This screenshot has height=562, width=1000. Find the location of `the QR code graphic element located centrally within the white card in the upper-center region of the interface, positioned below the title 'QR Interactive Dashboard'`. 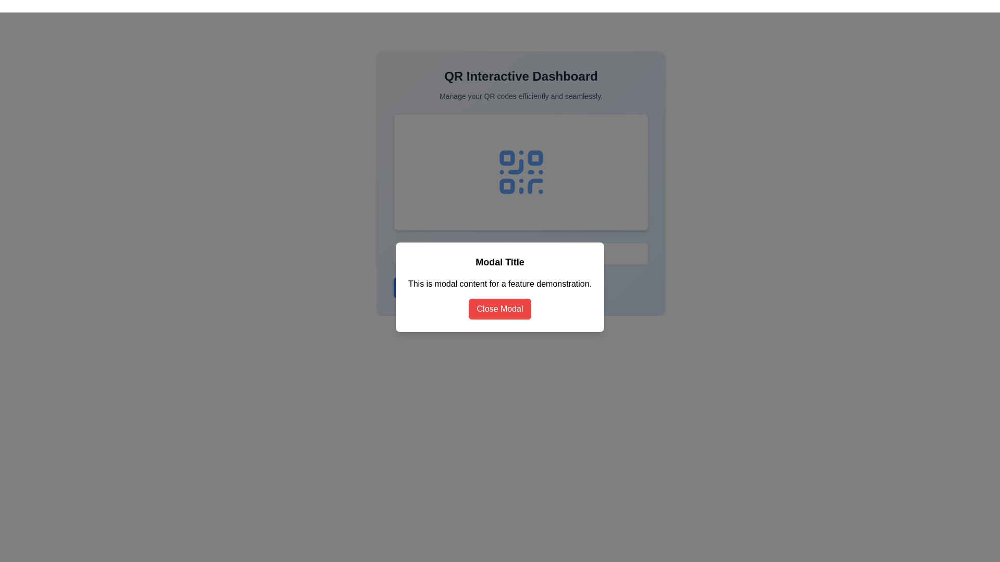

the QR code graphic element located centrally within the white card in the upper-center region of the interface, positioned below the title 'QR Interactive Dashboard' is located at coordinates (521, 172).